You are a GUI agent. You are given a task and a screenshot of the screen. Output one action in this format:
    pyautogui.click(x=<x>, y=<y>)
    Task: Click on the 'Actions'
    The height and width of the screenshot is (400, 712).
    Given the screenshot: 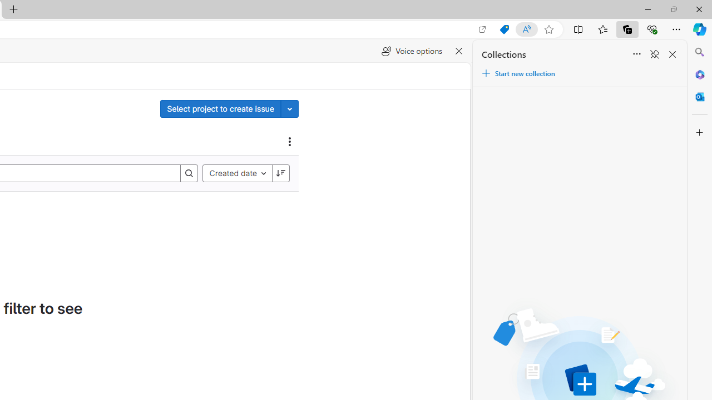 What is the action you would take?
    pyautogui.click(x=290, y=141)
    